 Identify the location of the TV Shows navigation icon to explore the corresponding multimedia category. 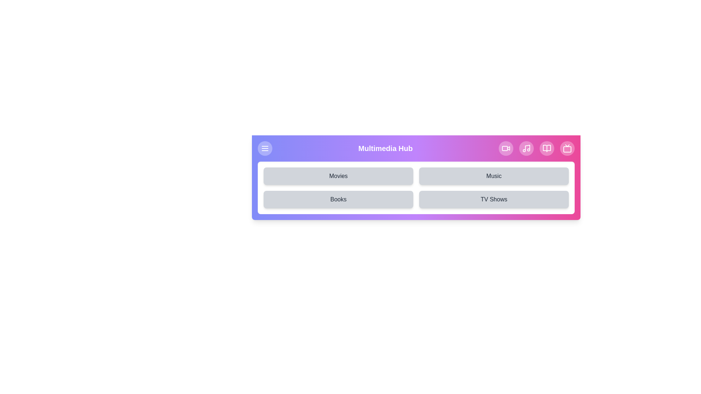
(567, 148).